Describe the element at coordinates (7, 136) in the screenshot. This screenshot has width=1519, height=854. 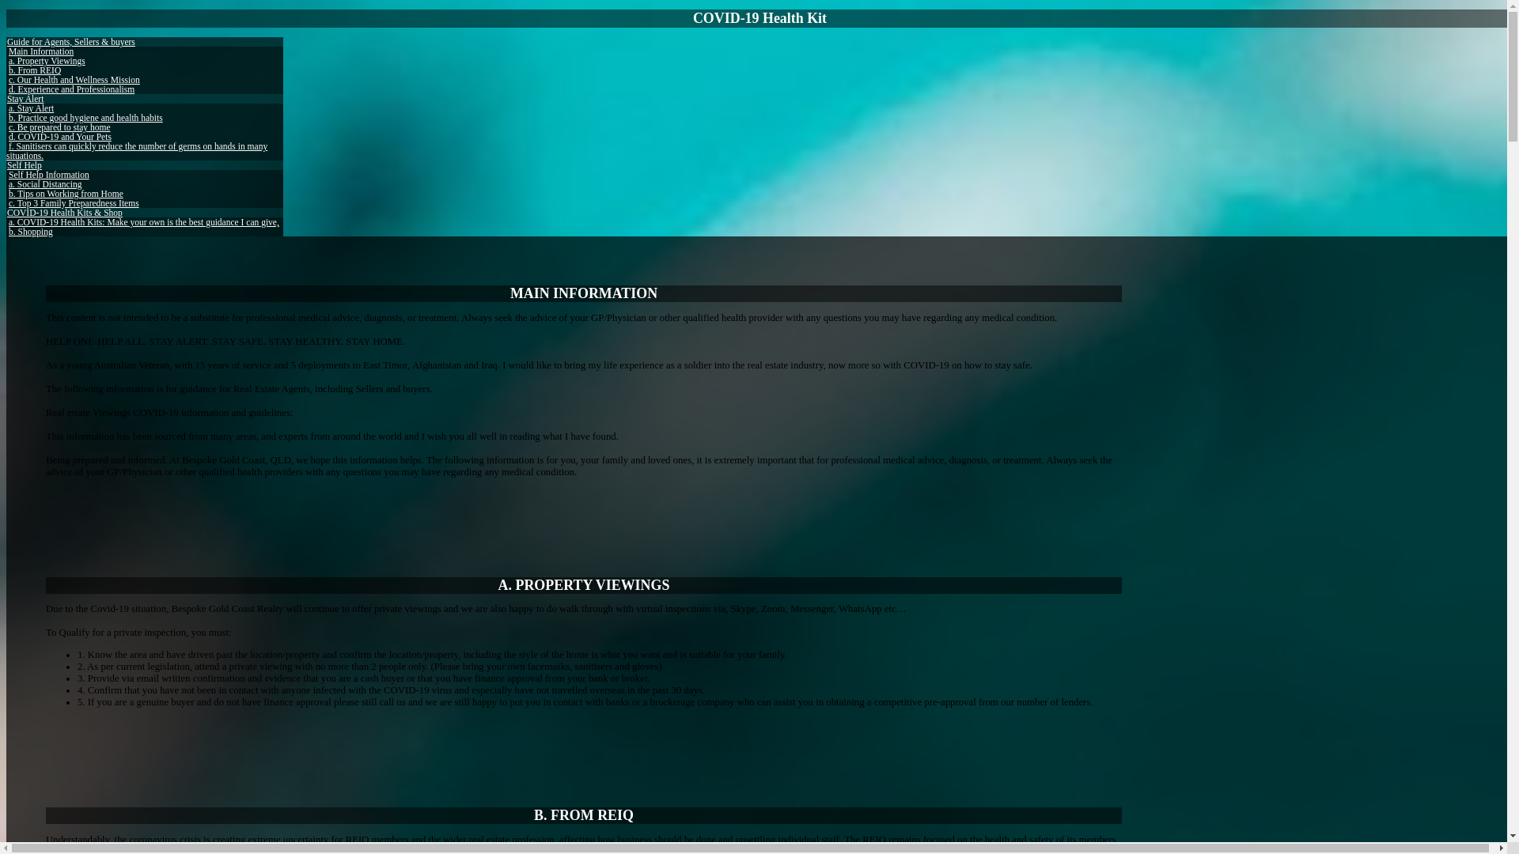
I see `'d. COVID-19 and Your Pets'` at that location.